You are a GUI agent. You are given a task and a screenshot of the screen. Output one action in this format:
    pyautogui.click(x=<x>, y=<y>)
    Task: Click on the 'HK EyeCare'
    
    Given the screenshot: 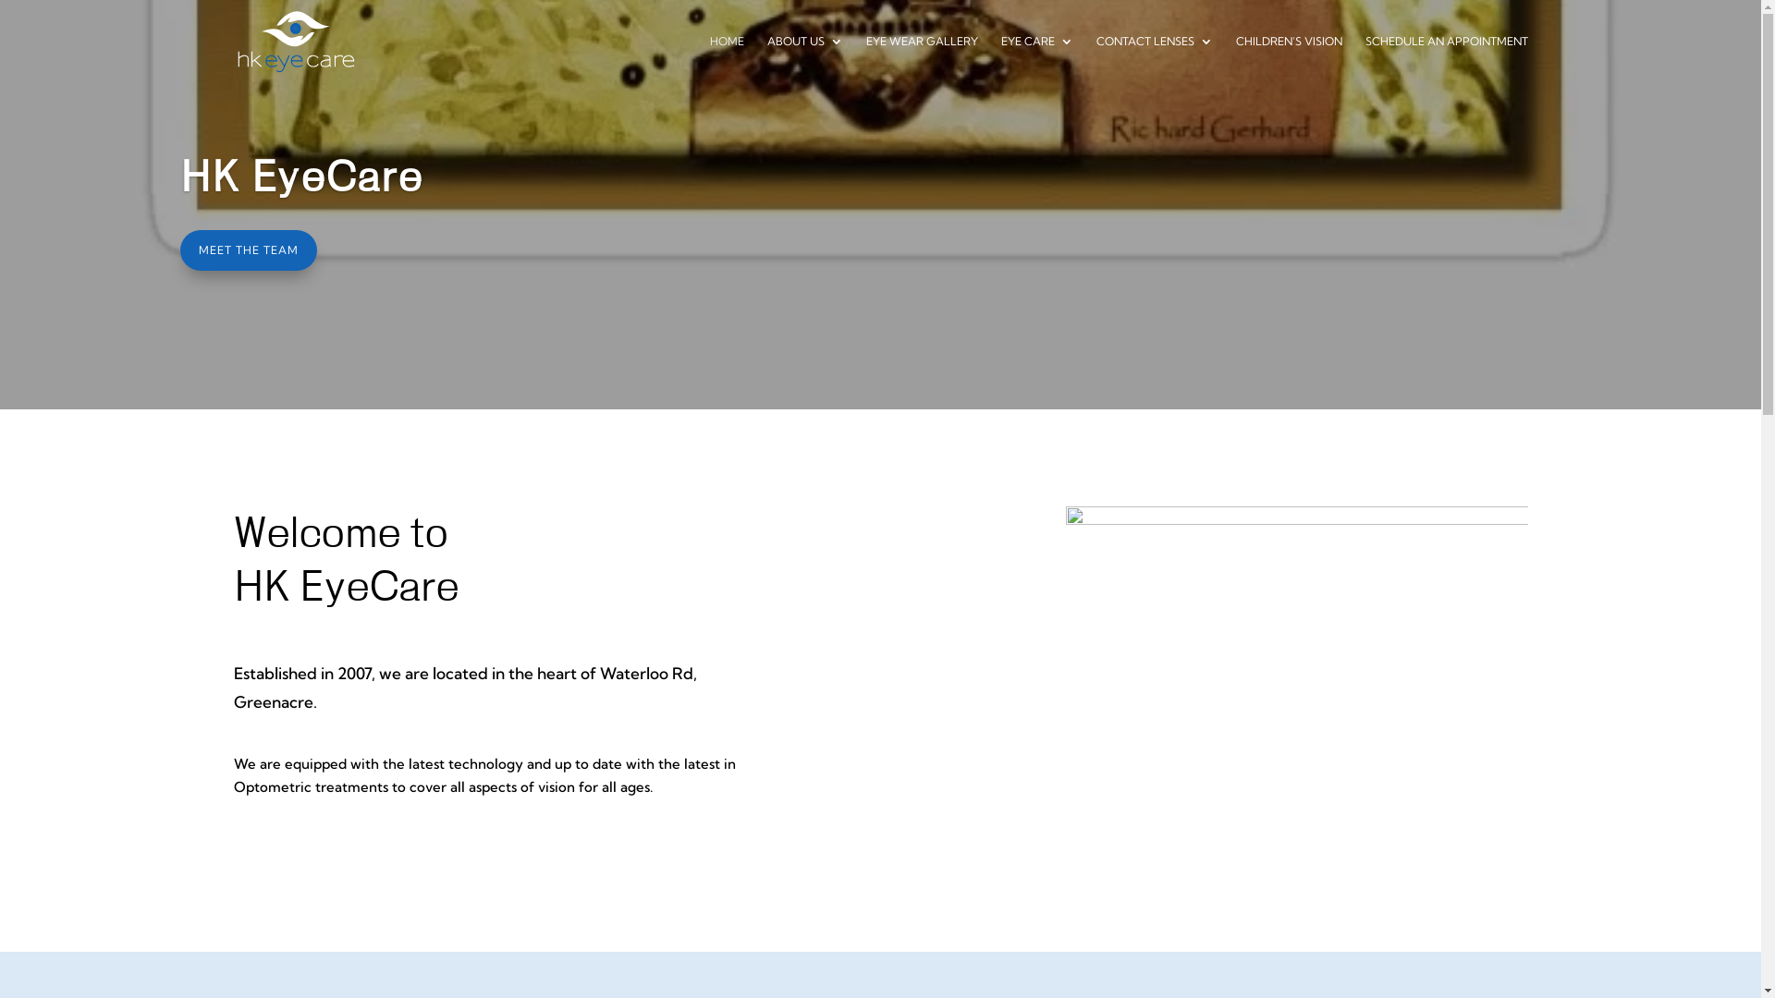 What is the action you would take?
    pyautogui.click(x=301, y=177)
    